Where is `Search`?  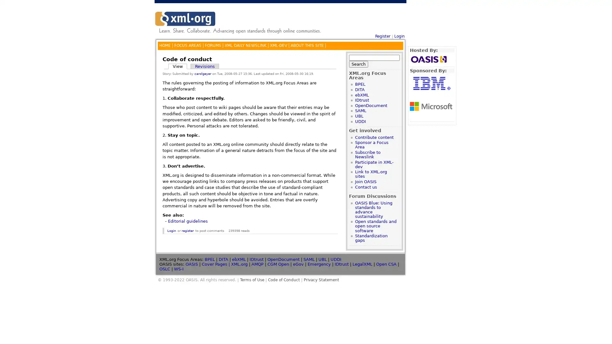
Search is located at coordinates (358, 64).